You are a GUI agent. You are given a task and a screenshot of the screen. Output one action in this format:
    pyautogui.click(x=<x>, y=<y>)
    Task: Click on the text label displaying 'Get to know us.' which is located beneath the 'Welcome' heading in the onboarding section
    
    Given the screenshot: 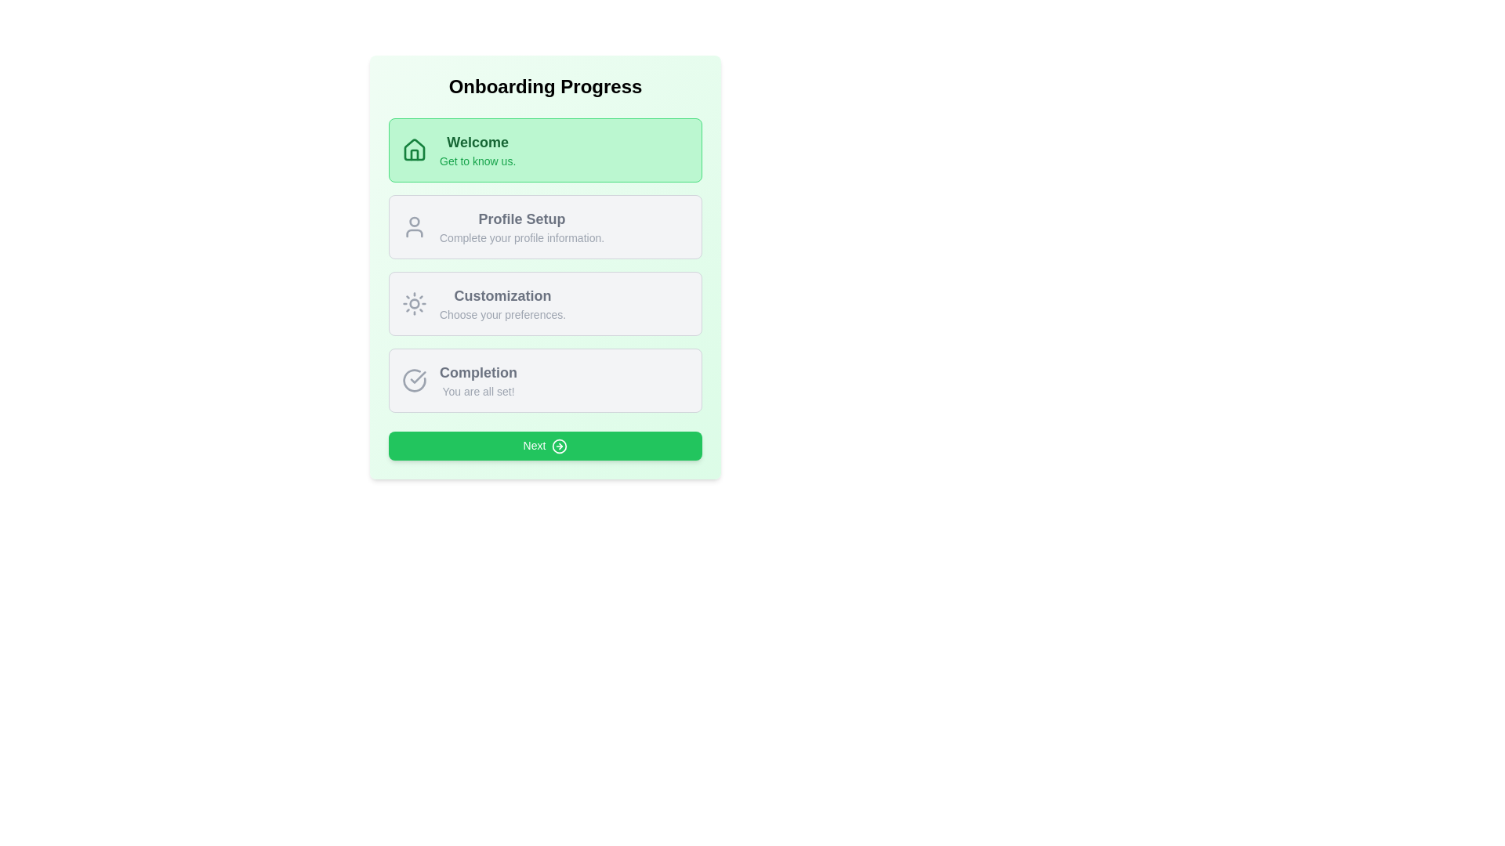 What is the action you would take?
    pyautogui.click(x=477, y=161)
    